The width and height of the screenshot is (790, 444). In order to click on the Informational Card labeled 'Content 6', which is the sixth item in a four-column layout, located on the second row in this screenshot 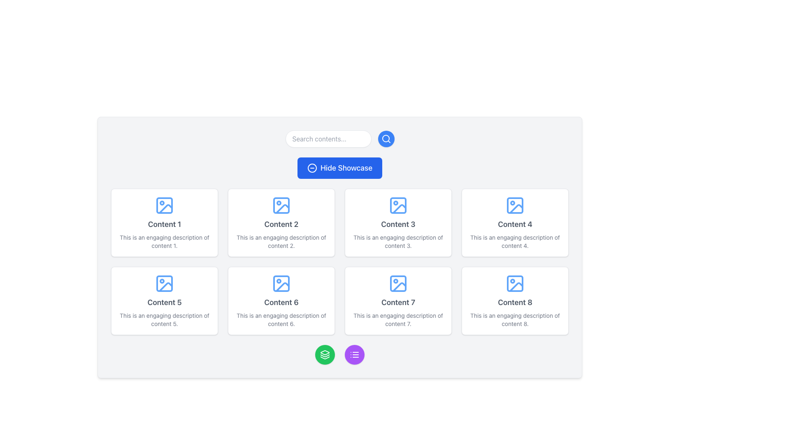, I will do `click(281, 301)`.